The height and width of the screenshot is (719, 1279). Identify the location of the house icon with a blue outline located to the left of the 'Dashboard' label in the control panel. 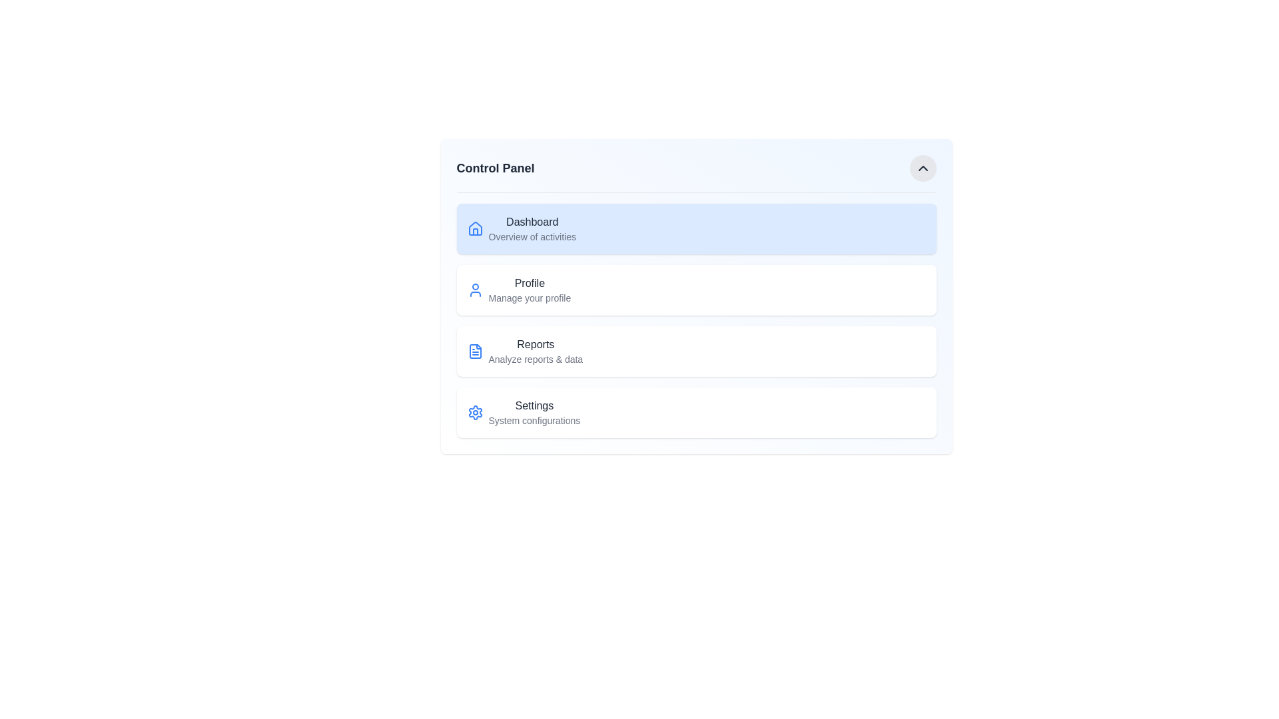
(475, 228).